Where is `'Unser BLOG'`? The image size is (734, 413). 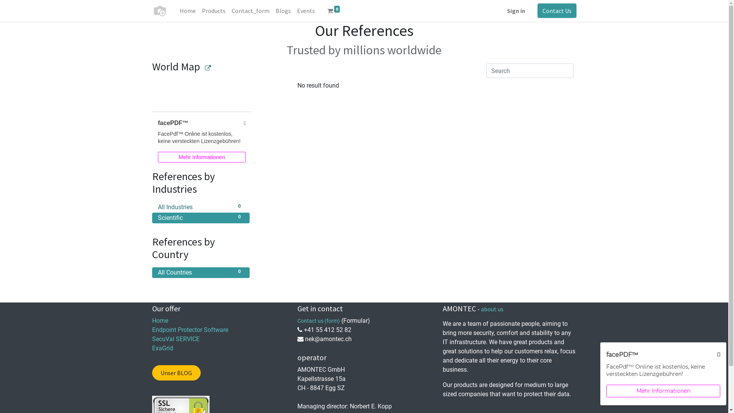 'Unser BLOG' is located at coordinates (176, 372).